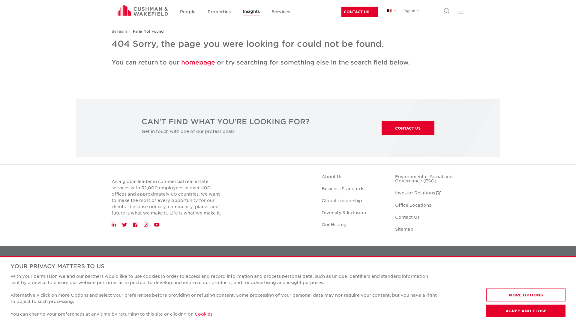  What do you see at coordinates (199, 62) in the screenshot?
I see `'homepage '` at bounding box center [199, 62].